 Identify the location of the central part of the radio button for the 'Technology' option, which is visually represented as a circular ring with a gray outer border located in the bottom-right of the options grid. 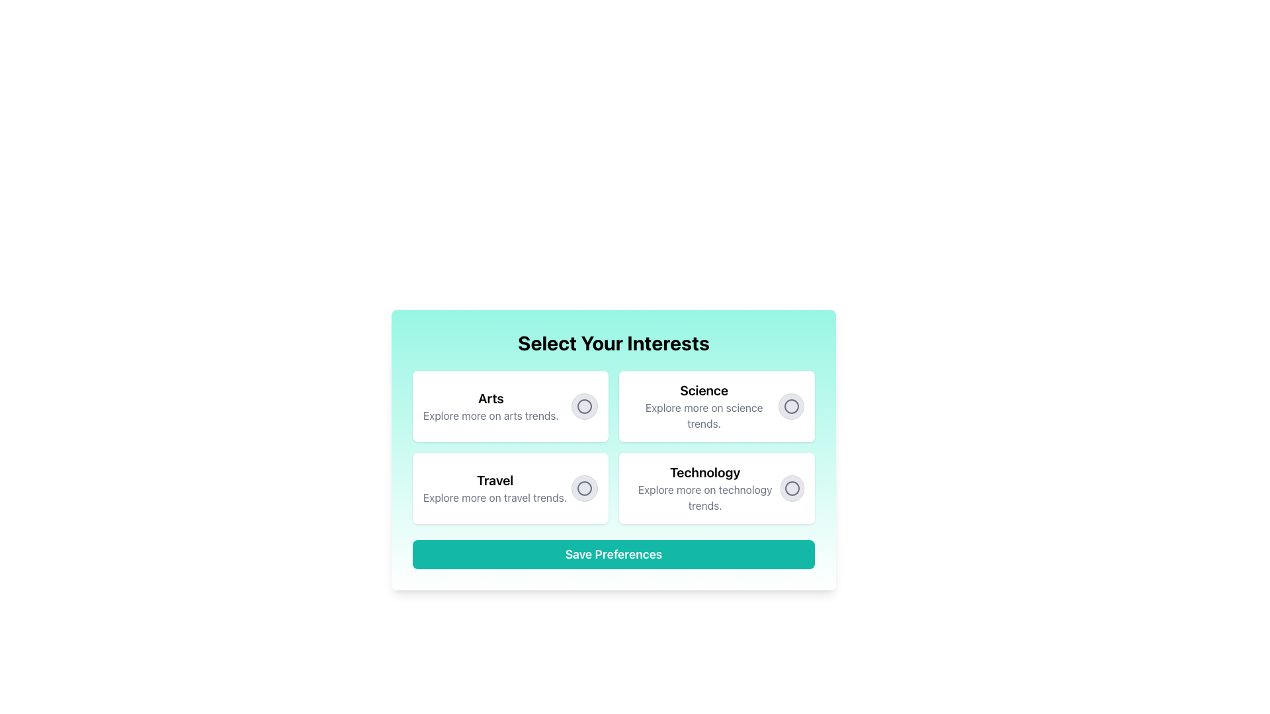
(792, 489).